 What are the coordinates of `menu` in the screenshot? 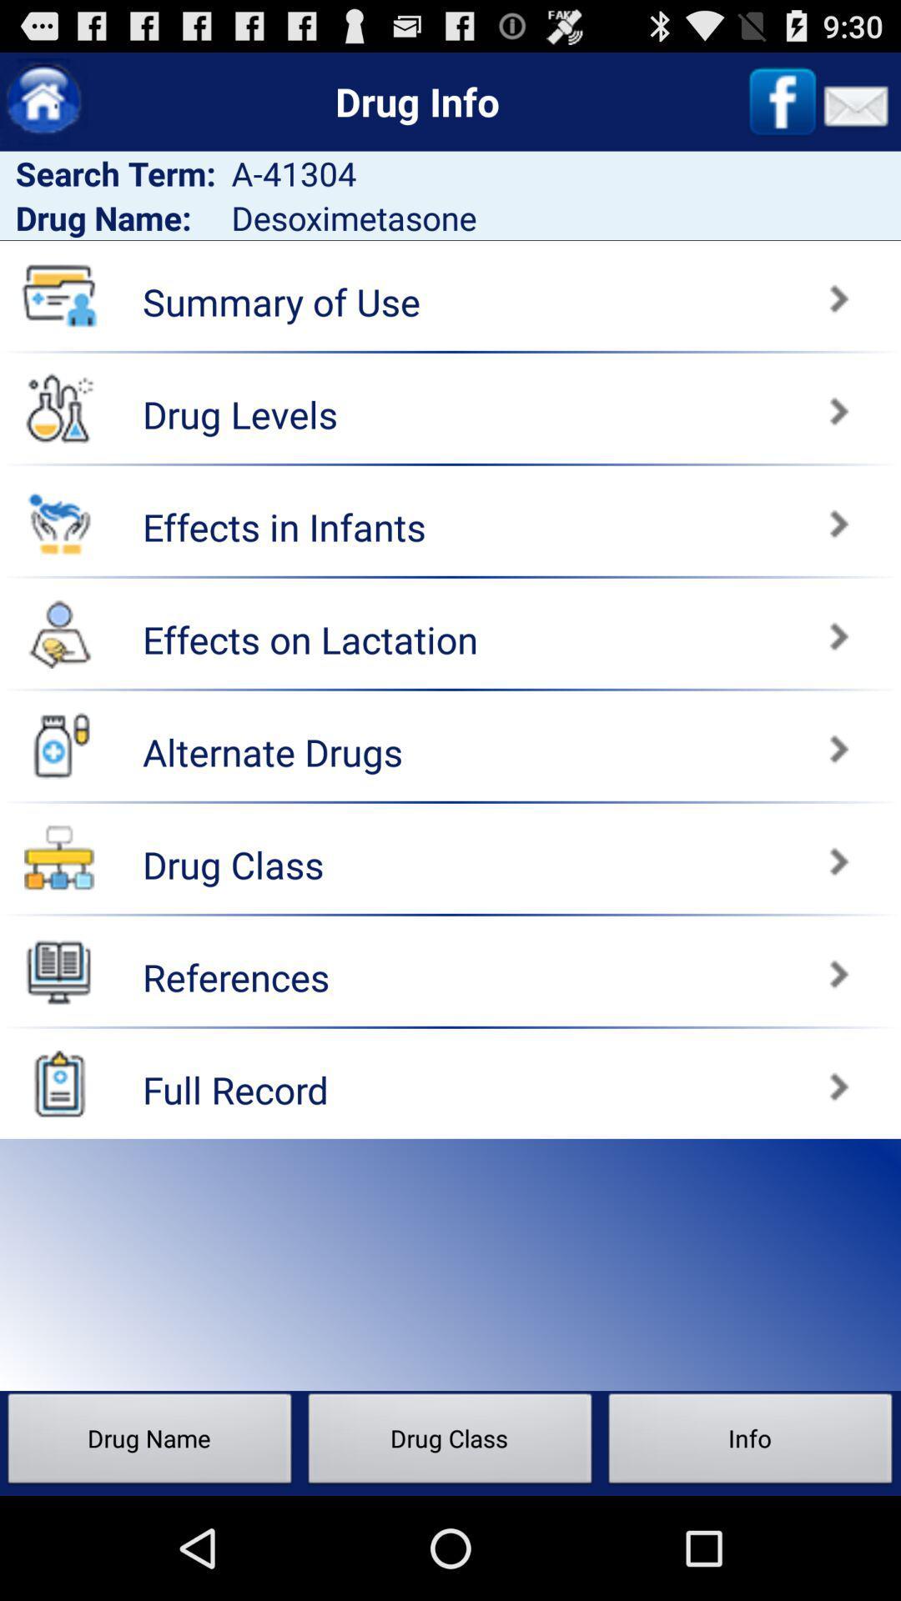 It's located at (58, 971).